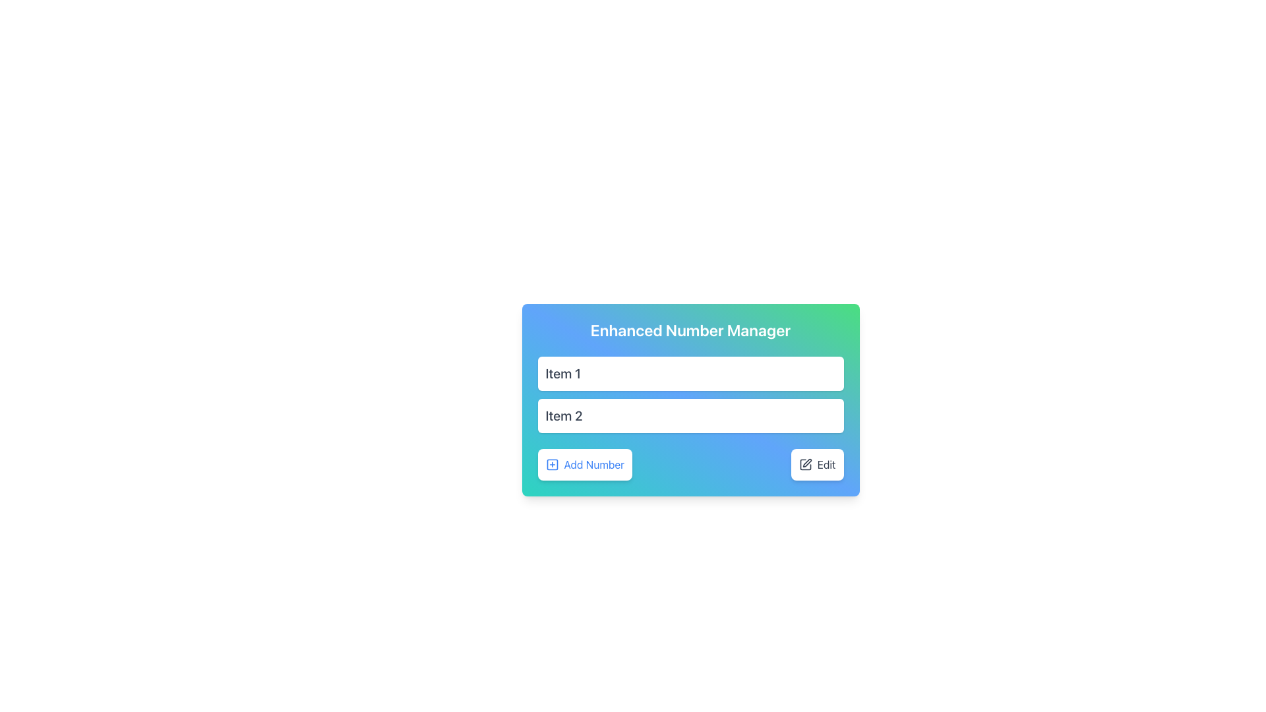  What do you see at coordinates (806, 462) in the screenshot?
I see `the 'Edit' button containing the pen icon located in the bottom-right corner of the card interface` at bounding box center [806, 462].